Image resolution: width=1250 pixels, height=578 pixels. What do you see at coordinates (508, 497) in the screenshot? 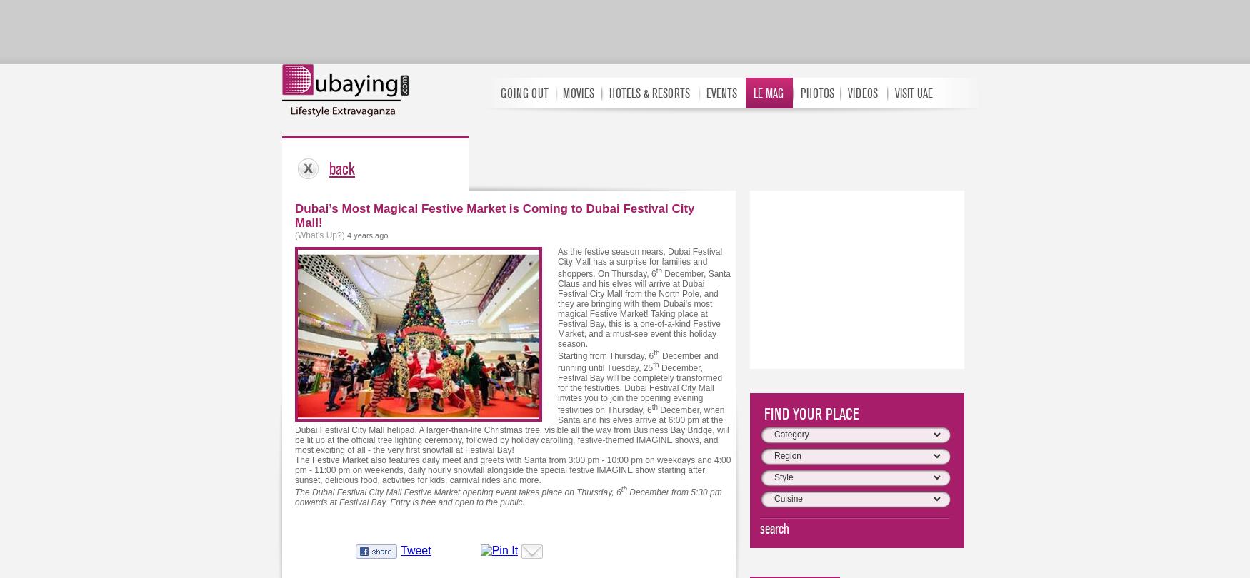
I see `'December from 5:30 pm onwards at Festival Bay. Entry is free and open to the public.'` at bounding box center [508, 497].